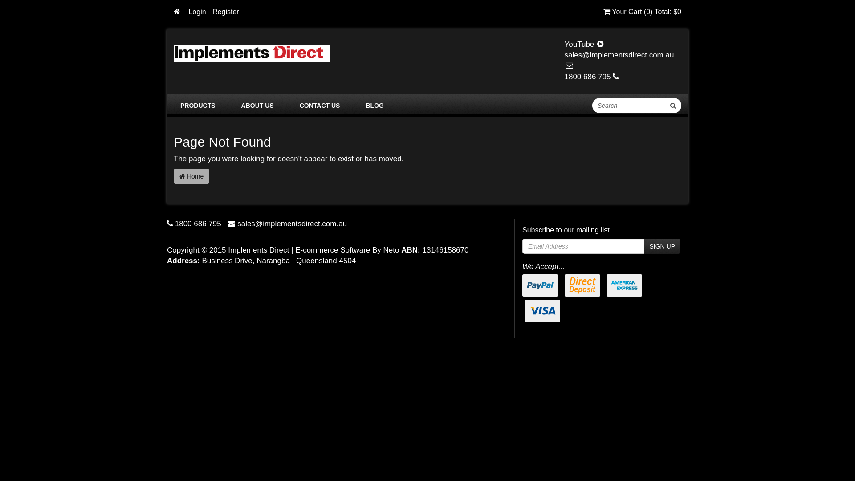 The image size is (855, 481). Describe the element at coordinates (197, 105) in the screenshot. I see `'PRODUCTS'` at that location.